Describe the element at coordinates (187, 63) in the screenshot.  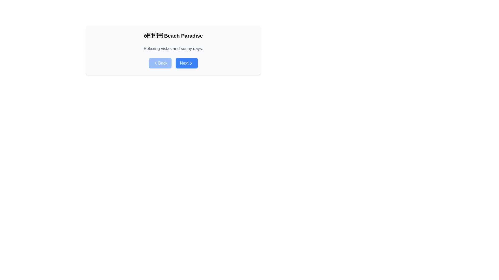
I see `the second button` at that location.